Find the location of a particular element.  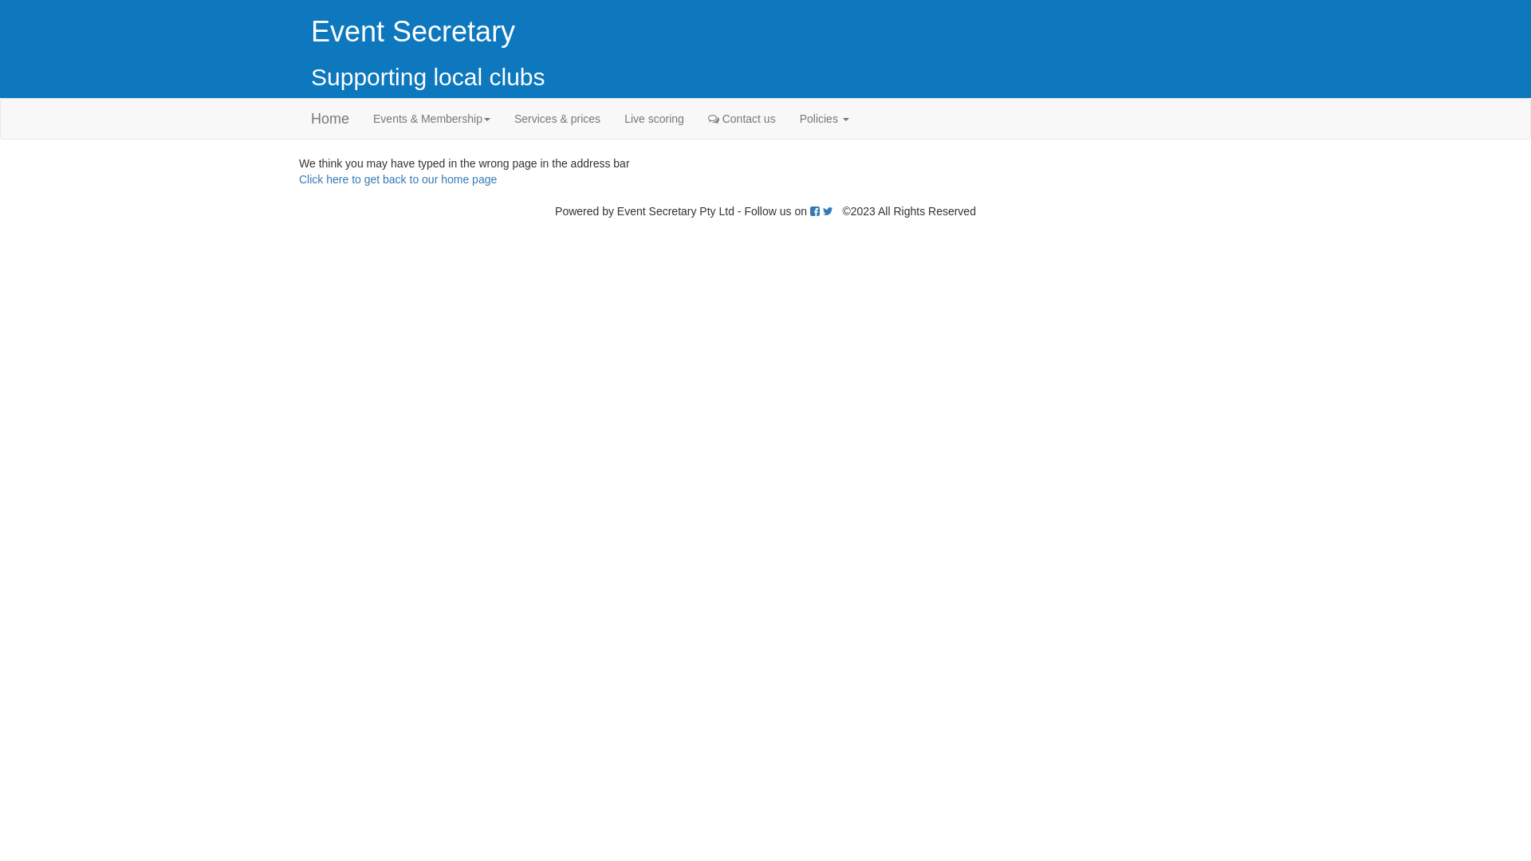

'Home' is located at coordinates (329, 118).